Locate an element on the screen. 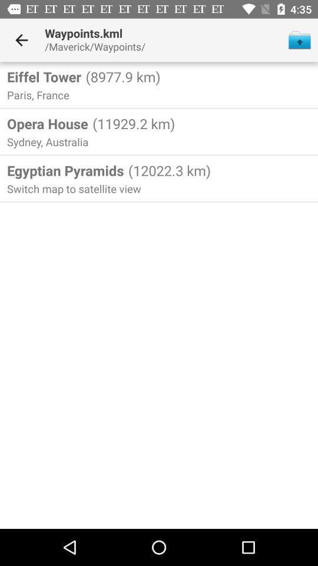  icon next to  (11929.2 km) is located at coordinates (47, 123).